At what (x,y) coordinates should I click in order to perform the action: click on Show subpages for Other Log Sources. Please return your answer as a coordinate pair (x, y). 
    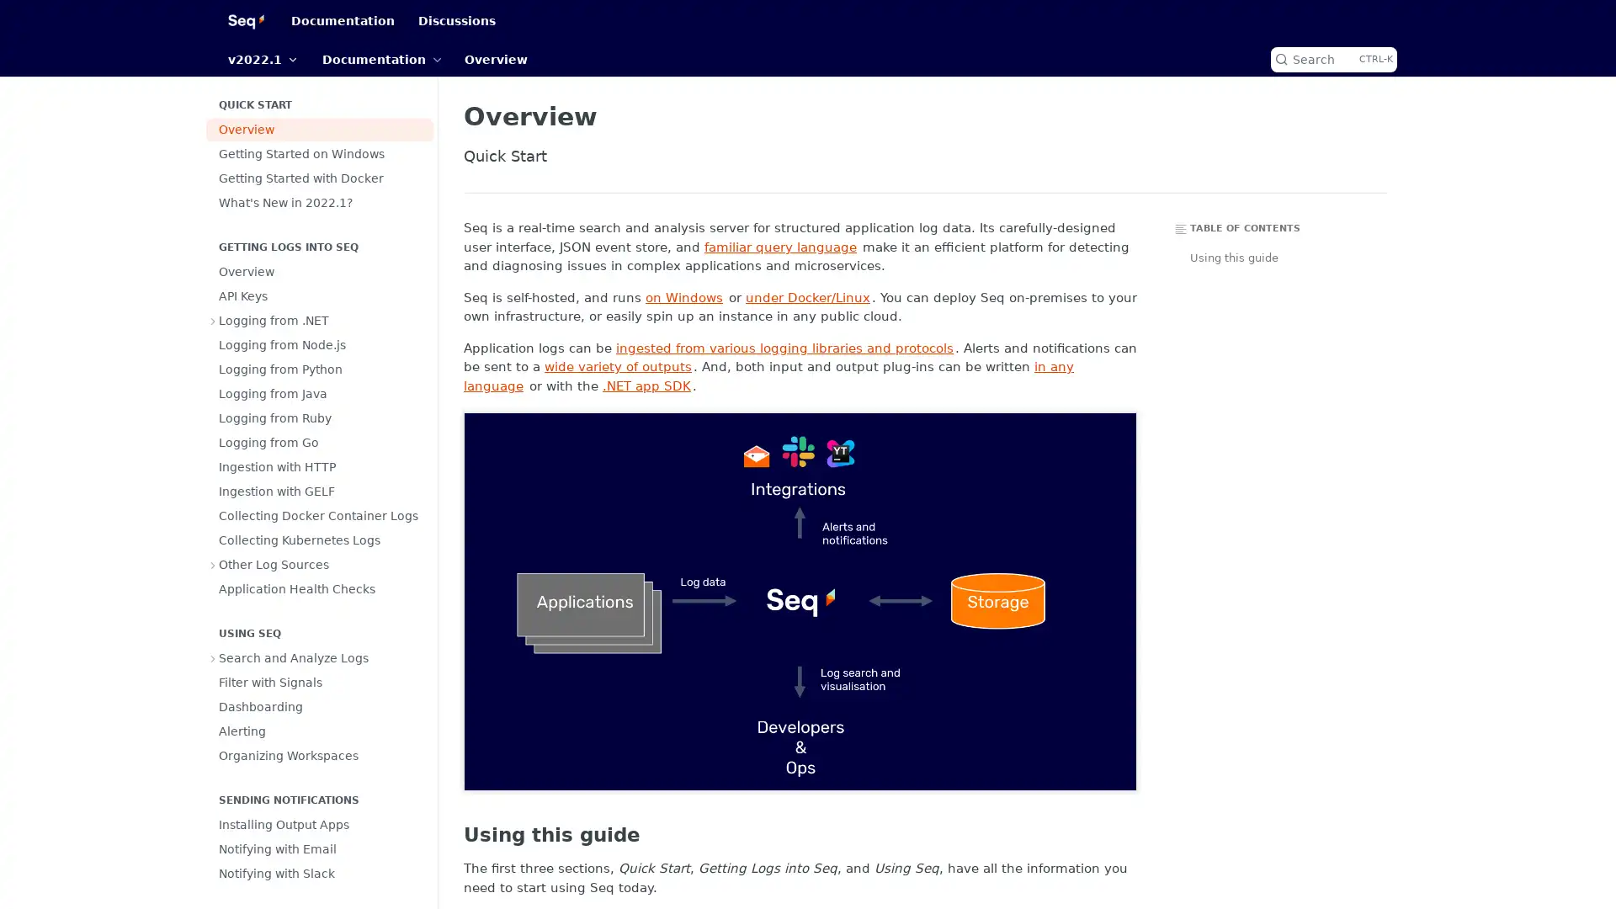
    Looking at the image, I should click on (213, 565).